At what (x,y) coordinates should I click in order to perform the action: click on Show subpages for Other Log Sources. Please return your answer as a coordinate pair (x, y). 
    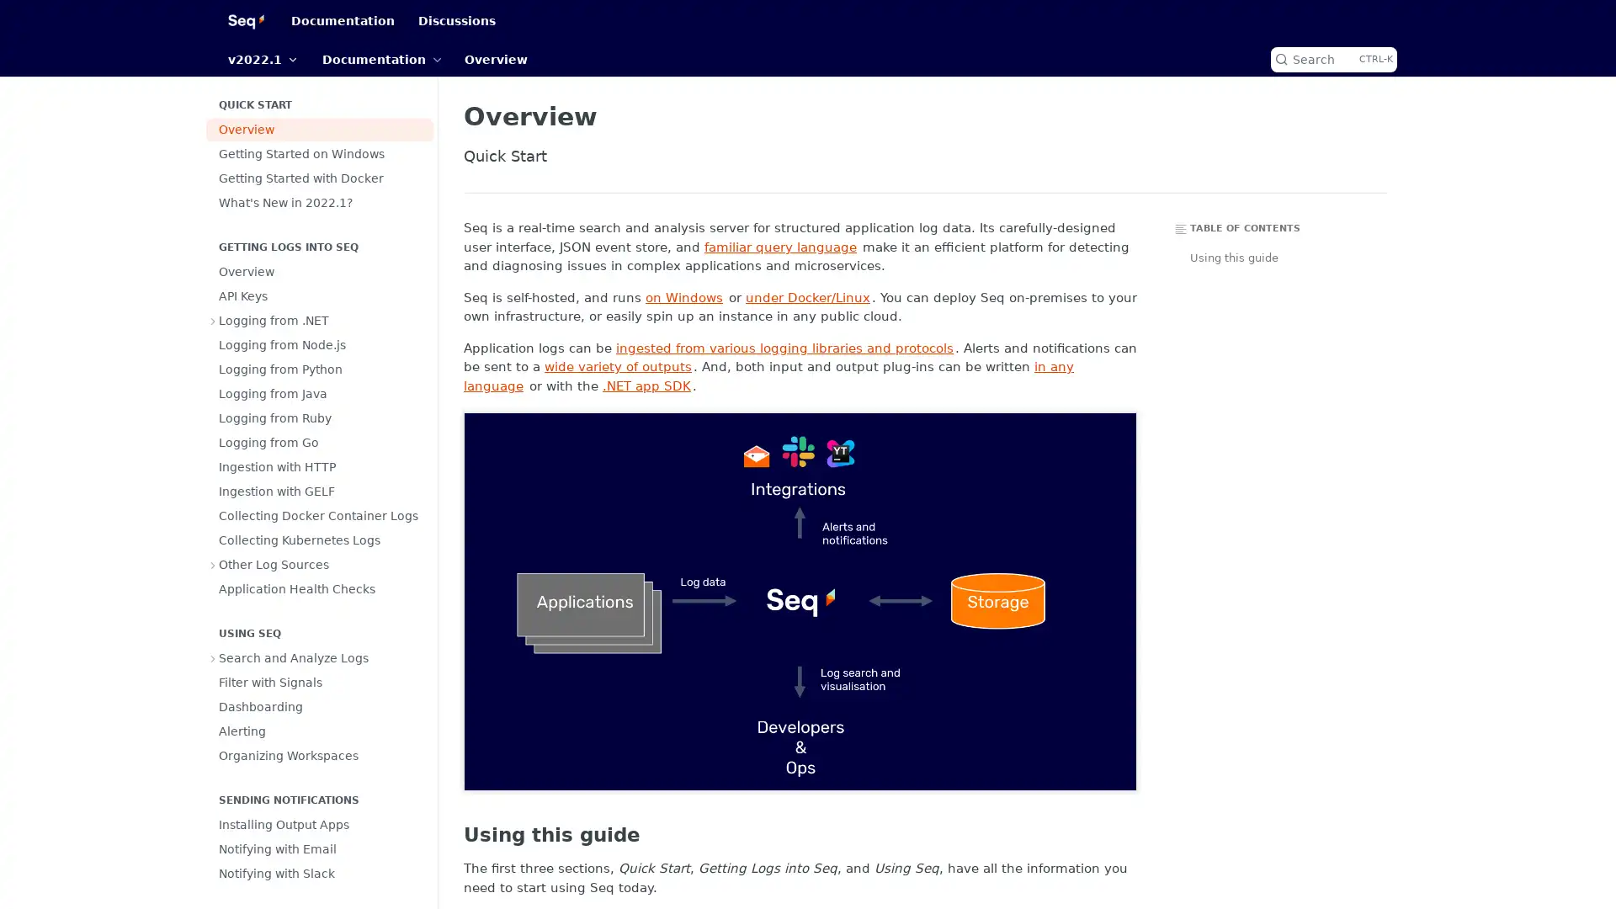
    Looking at the image, I should click on (213, 565).